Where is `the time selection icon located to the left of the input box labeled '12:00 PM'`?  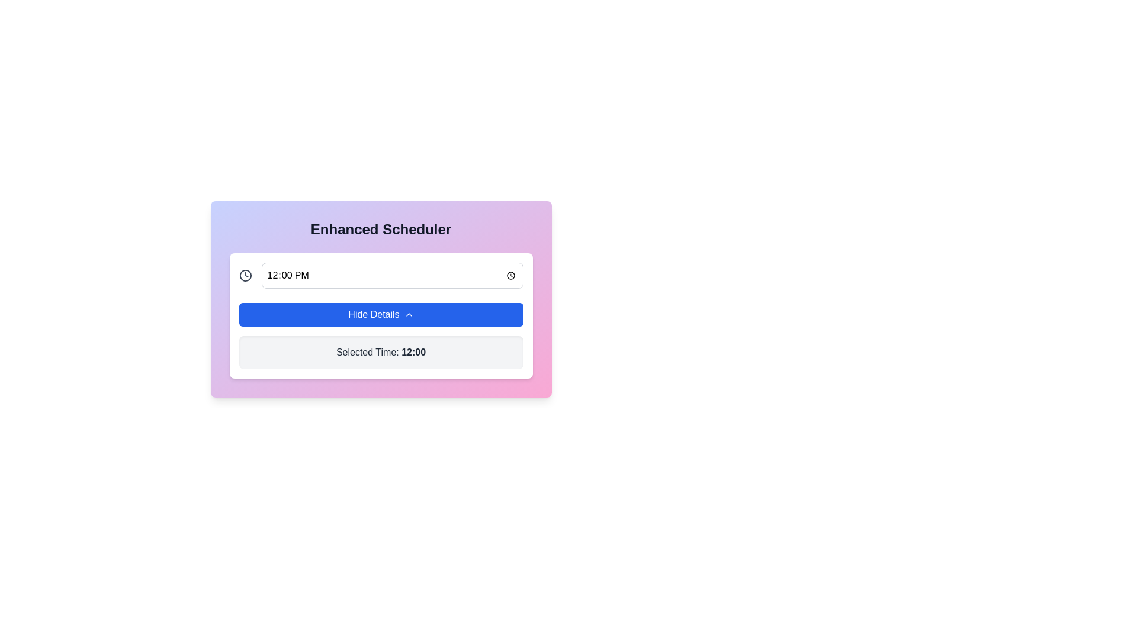
the time selection icon located to the left of the input box labeled '12:00 PM' is located at coordinates (245, 276).